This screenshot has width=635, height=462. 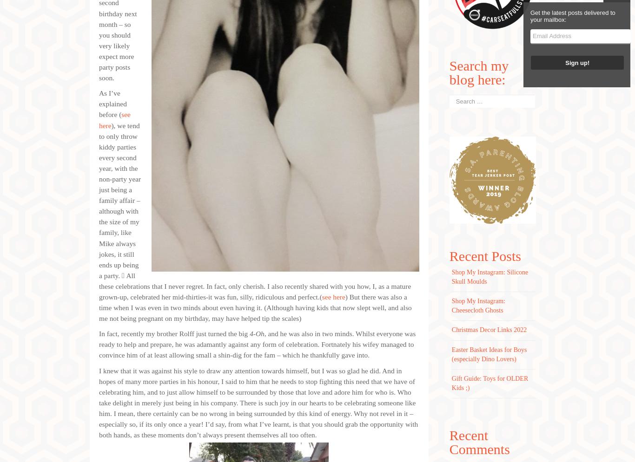 What do you see at coordinates (173, 333) in the screenshot?
I see `'In fact, recently my brother Rolff just turned the big'` at bounding box center [173, 333].